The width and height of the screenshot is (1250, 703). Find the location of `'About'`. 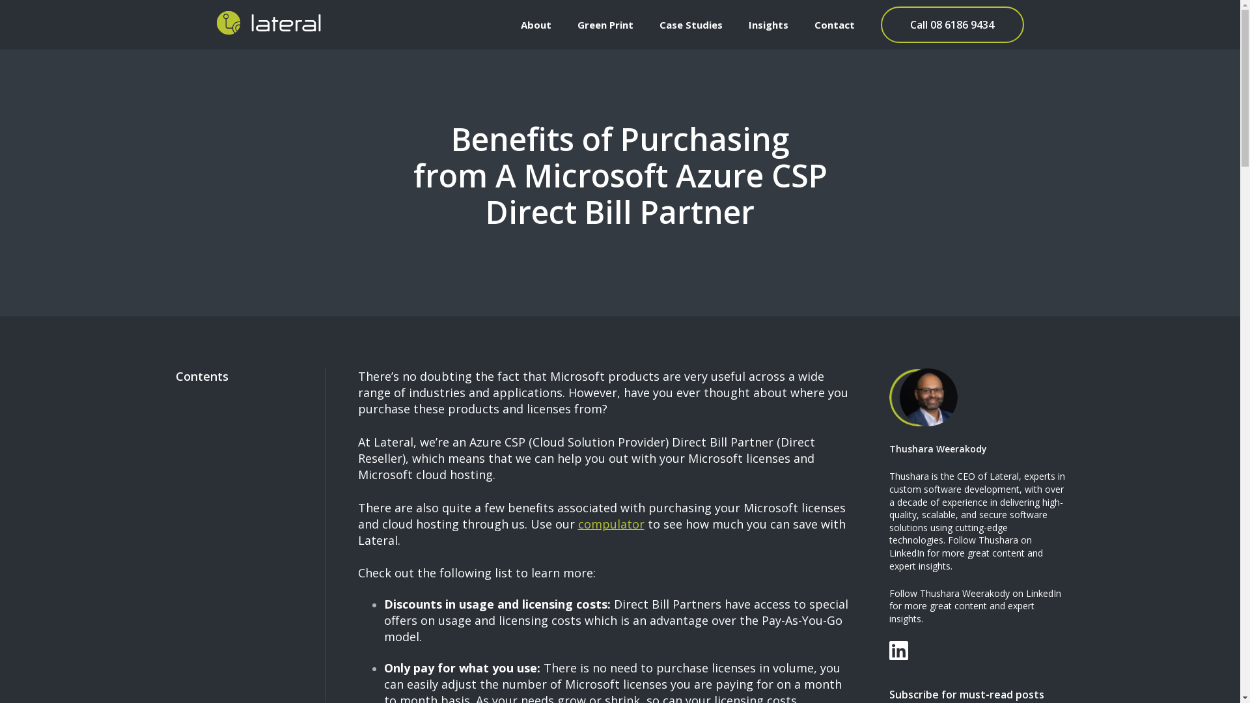

'About' is located at coordinates (536, 25).